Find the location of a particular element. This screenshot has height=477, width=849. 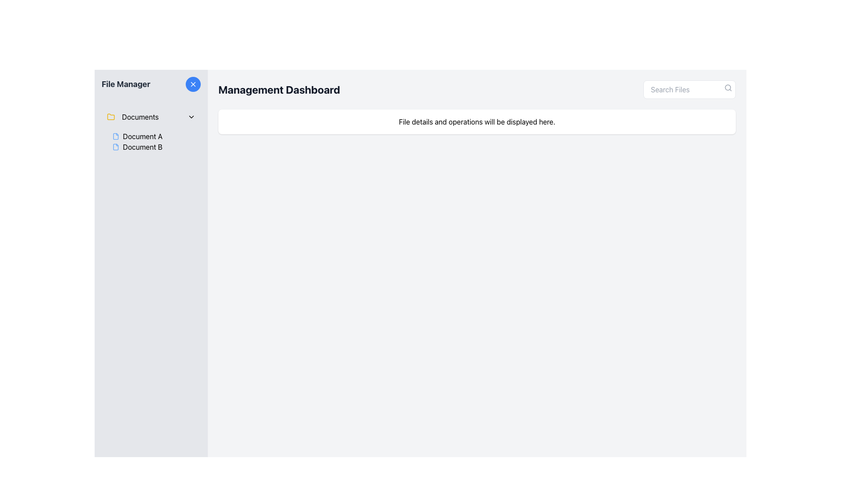

the 'File Manager' static text label, which is prominently displayed in bold, larger font, dark gray color against a light background, located in the top left corner of the sidebar is located at coordinates (125, 84).